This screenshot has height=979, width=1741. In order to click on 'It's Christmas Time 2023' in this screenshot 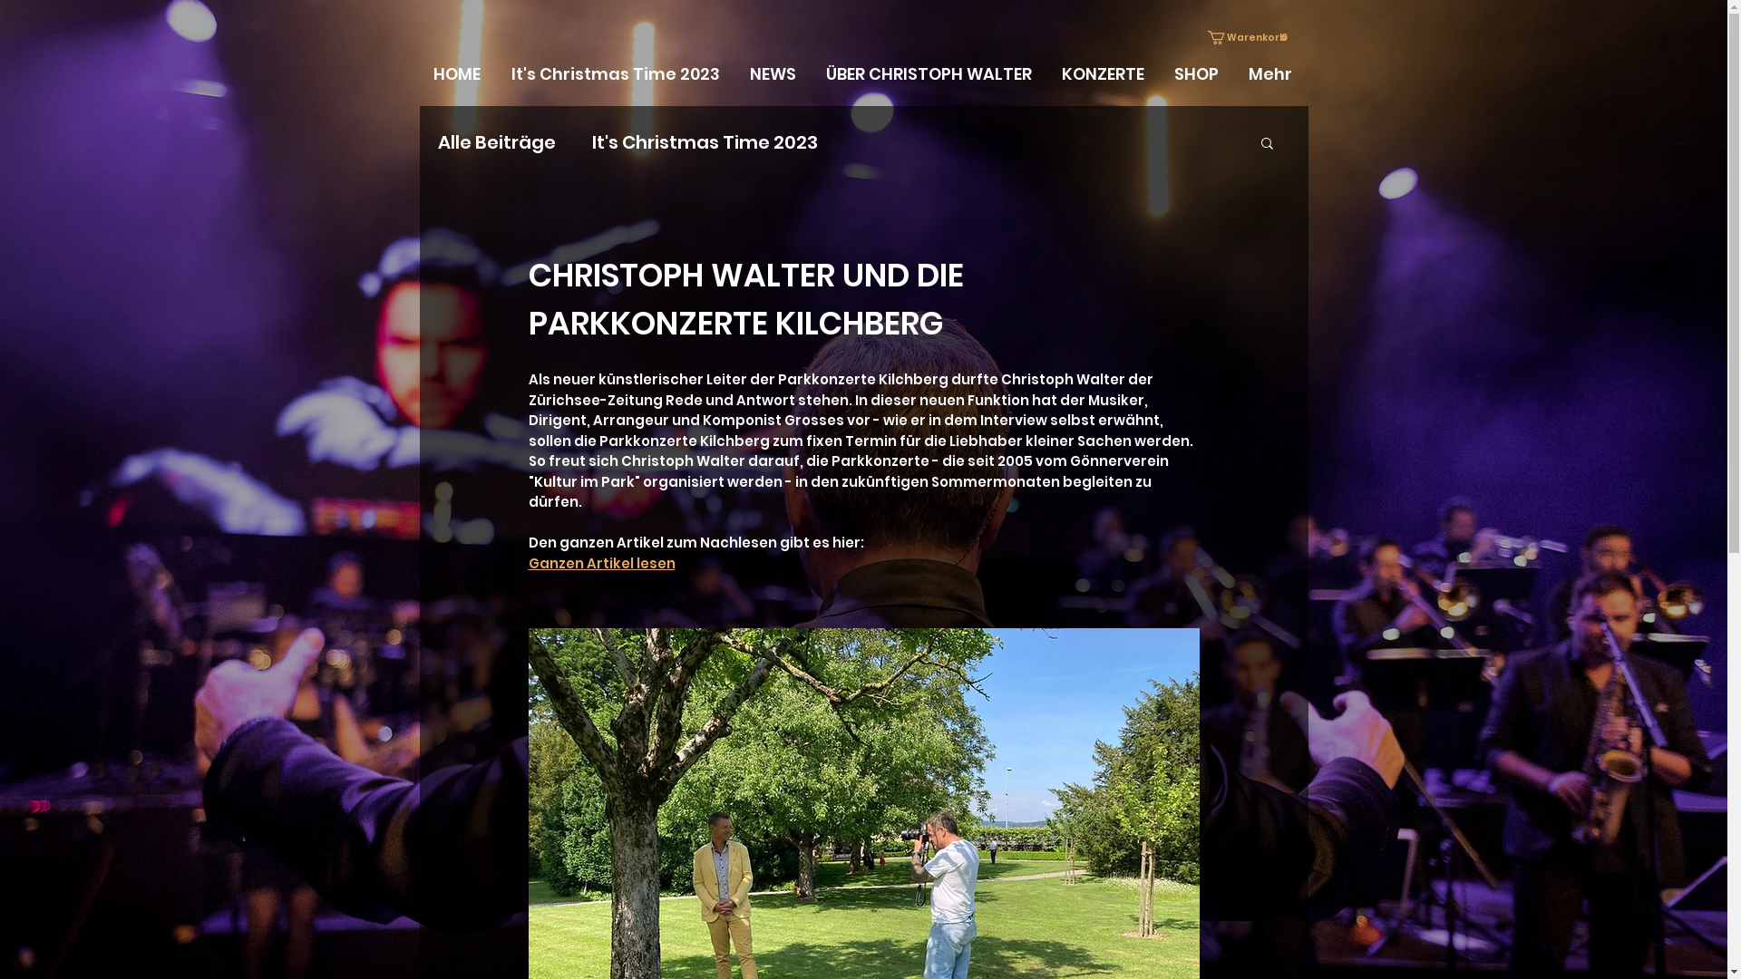, I will do `click(616, 73)`.